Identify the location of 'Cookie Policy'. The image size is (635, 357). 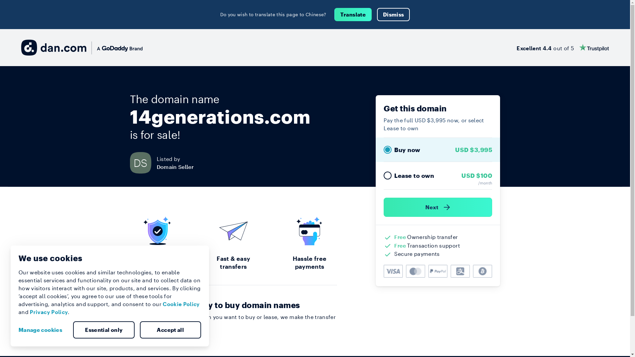
(162, 304).